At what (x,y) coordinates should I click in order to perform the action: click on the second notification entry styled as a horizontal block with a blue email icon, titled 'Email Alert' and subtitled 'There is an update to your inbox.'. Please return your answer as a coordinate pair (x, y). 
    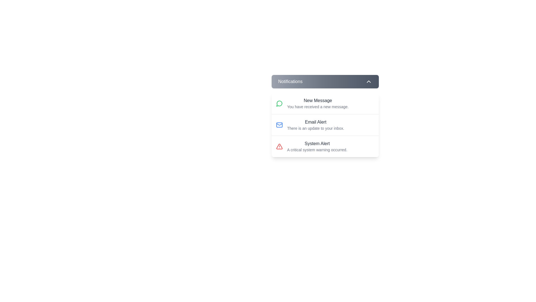
    Looking at the image, I should click on (325, 124).